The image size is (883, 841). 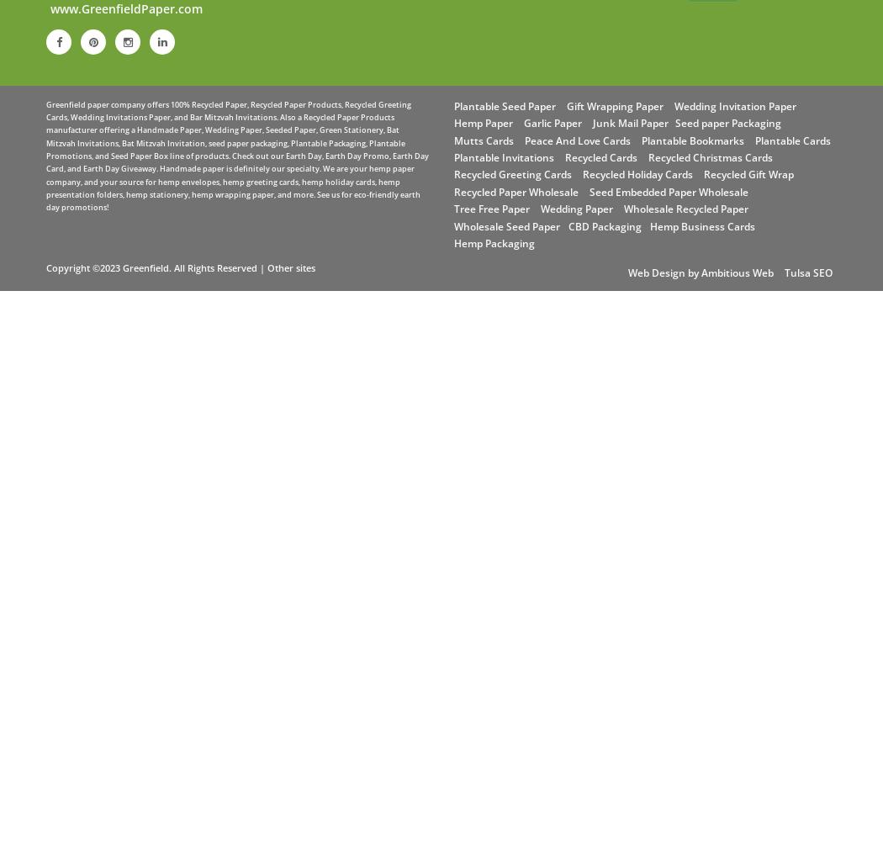 What do you see at coordinates (71, 117) in the screenshot?
I see `'Wedding 
					Invitations Paper'` at bounding box center [71, 117].